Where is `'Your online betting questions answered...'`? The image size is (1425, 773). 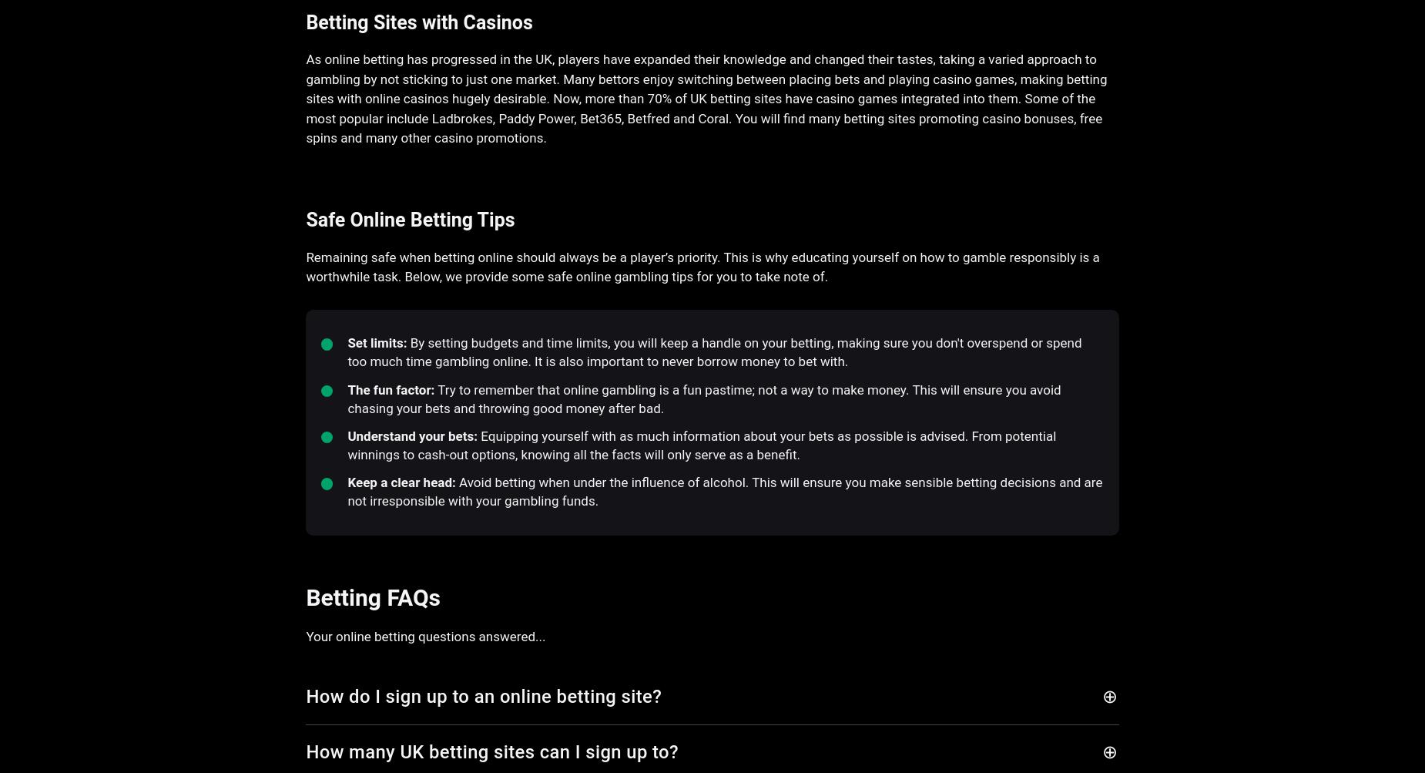
'Your online betting questions answered...' is located at coordinates (425, 636).